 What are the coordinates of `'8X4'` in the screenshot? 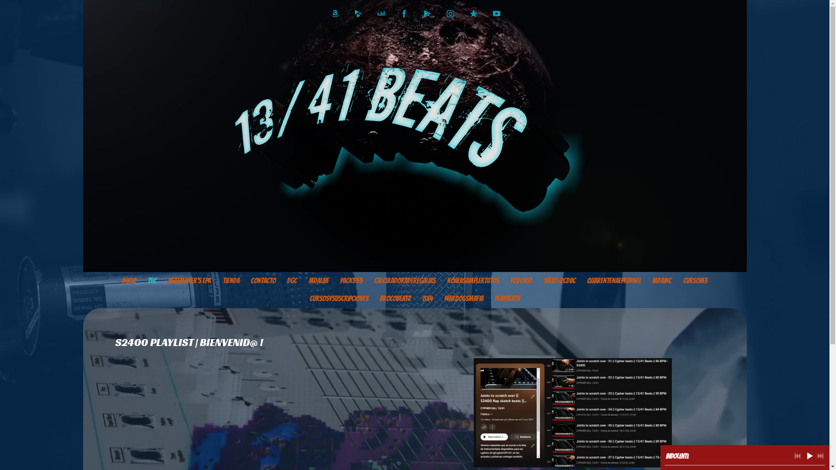 It's located at (427, 298).